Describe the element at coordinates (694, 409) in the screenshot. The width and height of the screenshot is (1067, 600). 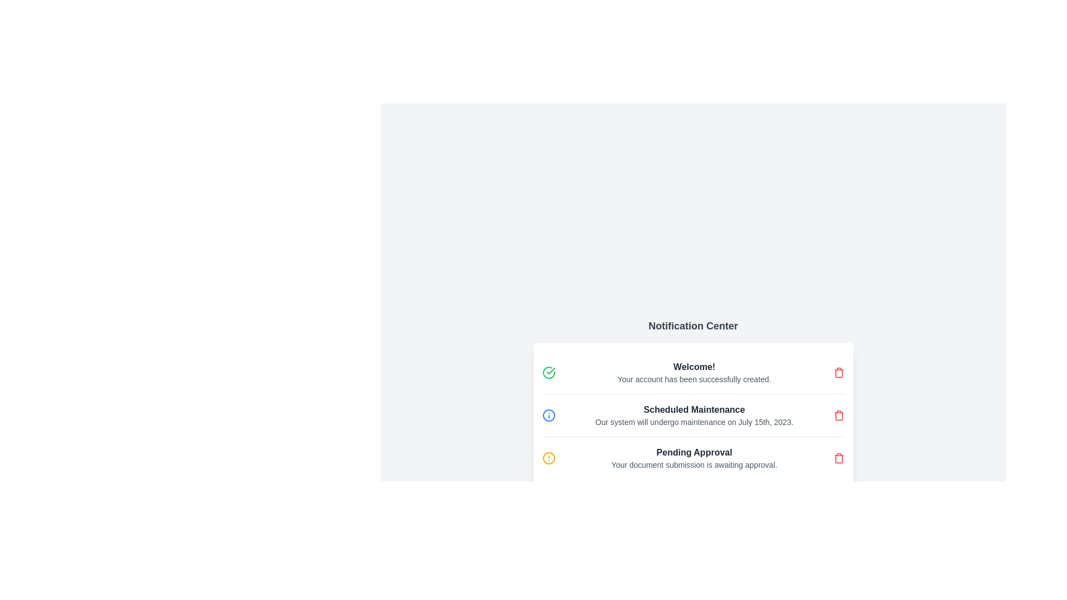
I see `the 'Scheduled Maintenance' text label, which is bold and dark gray, located within the notification card above the text 'Our system will undergo maintenance on July 15th, 2023.'` at that location.